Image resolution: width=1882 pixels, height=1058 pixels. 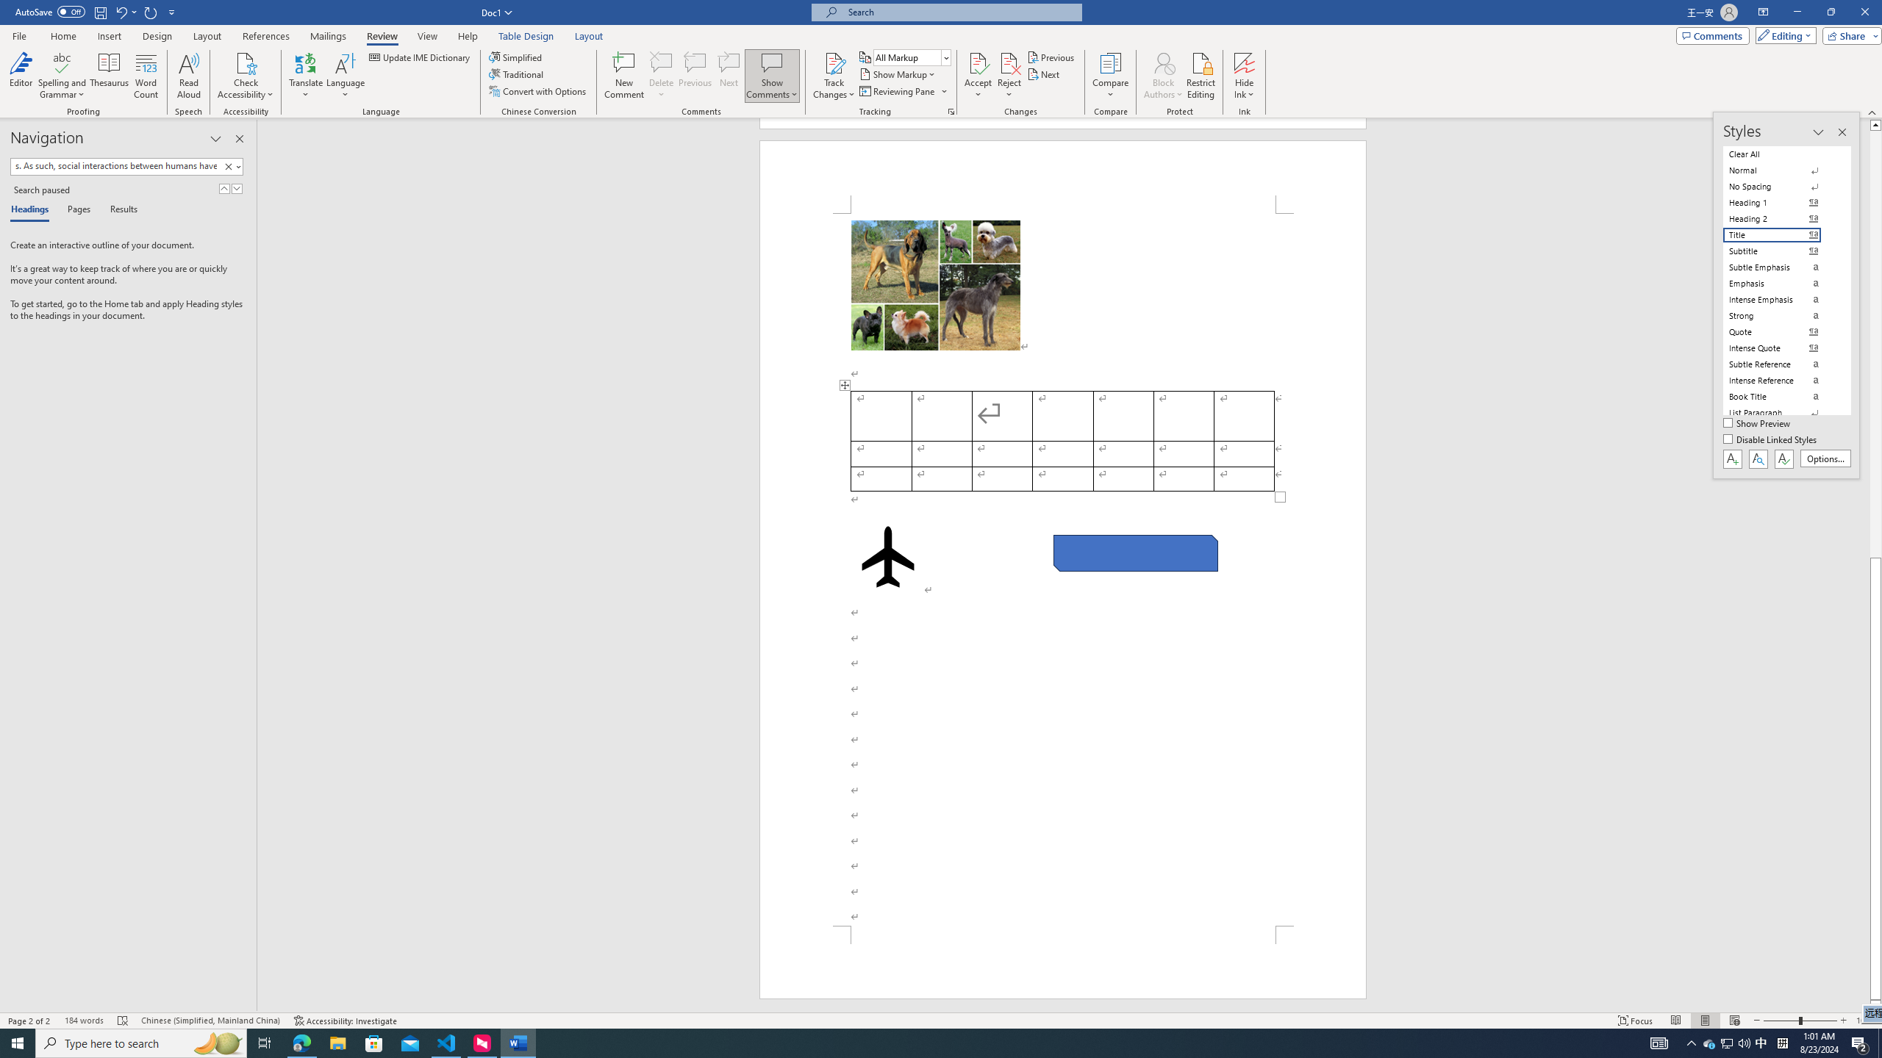 What do you see at coordinates (911, 57) in the screenshot?
I see `'Display for Review'` at bounding box center [911, 57].